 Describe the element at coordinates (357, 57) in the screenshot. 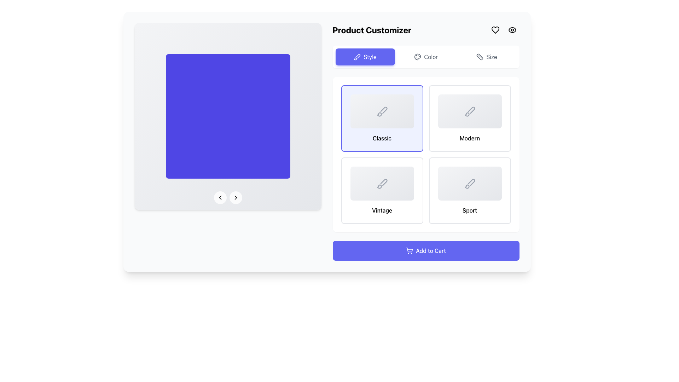

I see `the 'Style' button which contains the icon representing the 'Style' feature of the application, located in the top-central part of the interface's control section` at that location.